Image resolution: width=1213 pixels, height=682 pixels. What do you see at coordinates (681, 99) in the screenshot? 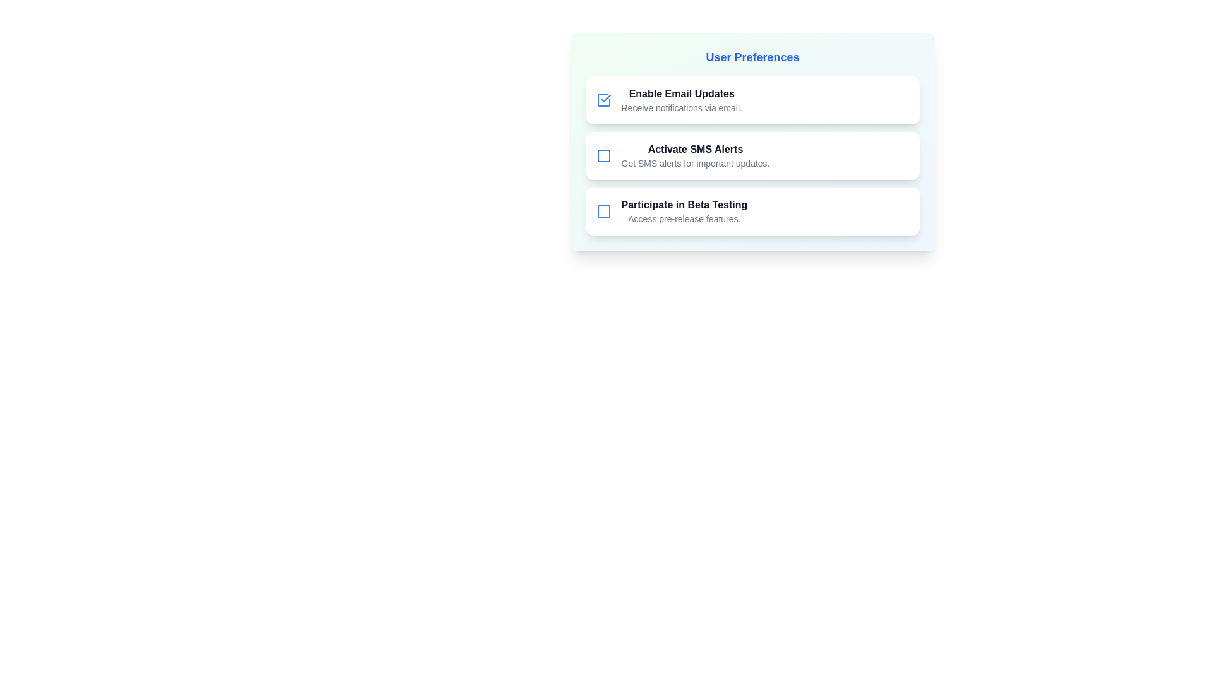
I see `the textual label 'Enable Email Updates' with a subheading 'Receive notifications via email', located at the top of the 'User Preferences' section` at bounding box center [681, 99].